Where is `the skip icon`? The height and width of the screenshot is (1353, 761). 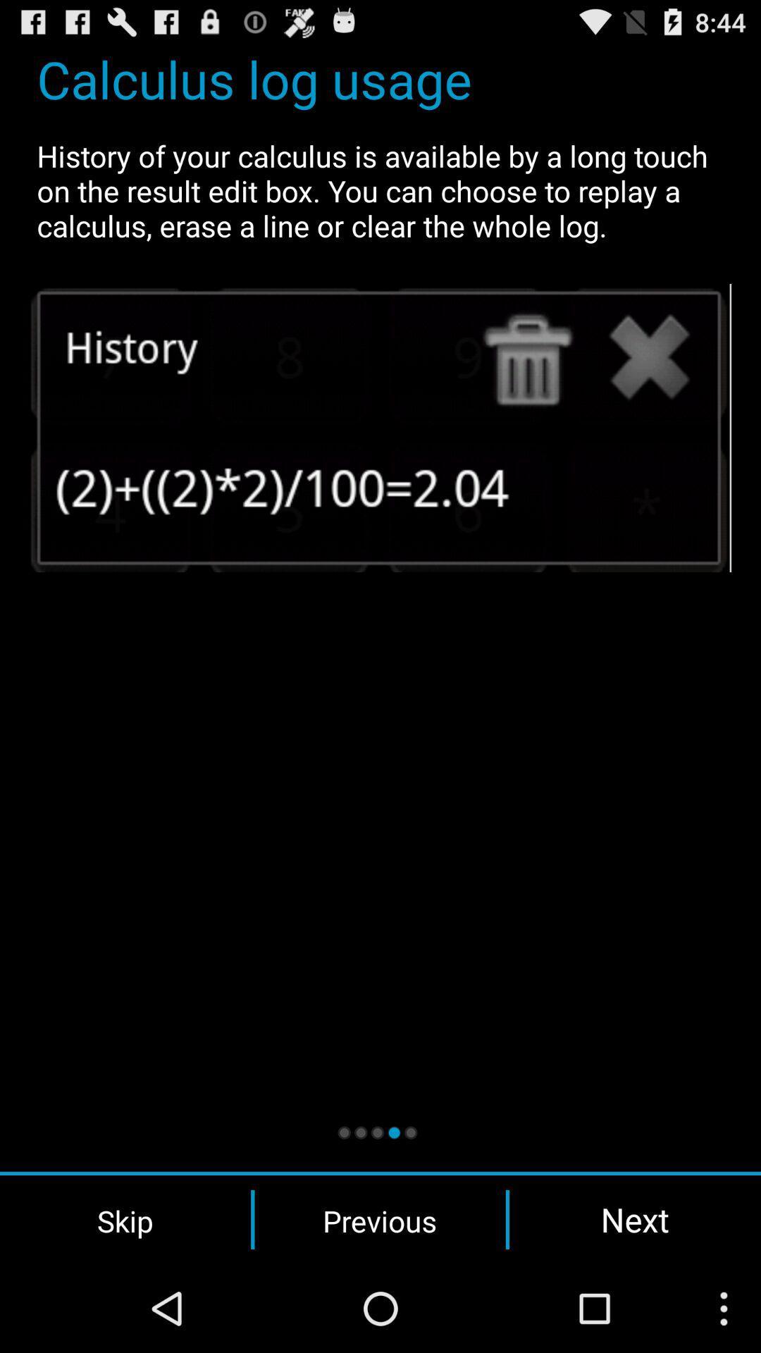
the skip icon is located at coordinates (125, 1219).